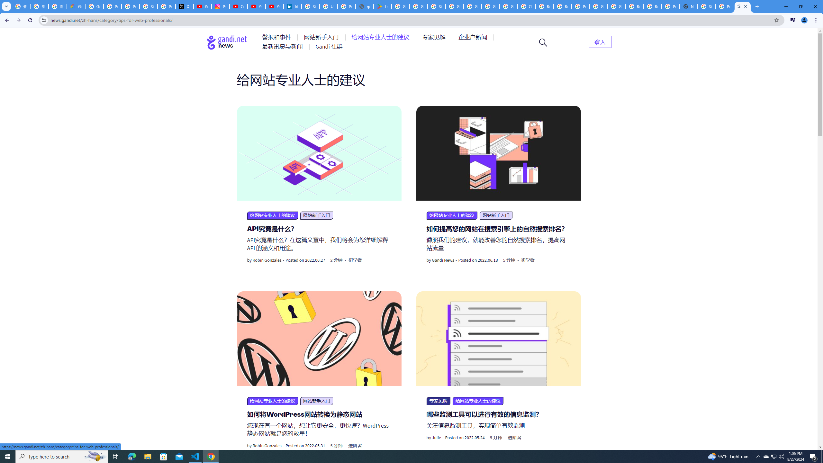 The image size is (823, 463). Describe the element at coordinates (443, 260) in the screenshot. I see `'Gandi News'` at that location.